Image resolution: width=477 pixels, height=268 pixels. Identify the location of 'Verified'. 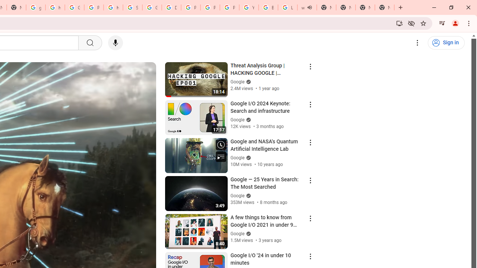
(247, 233).